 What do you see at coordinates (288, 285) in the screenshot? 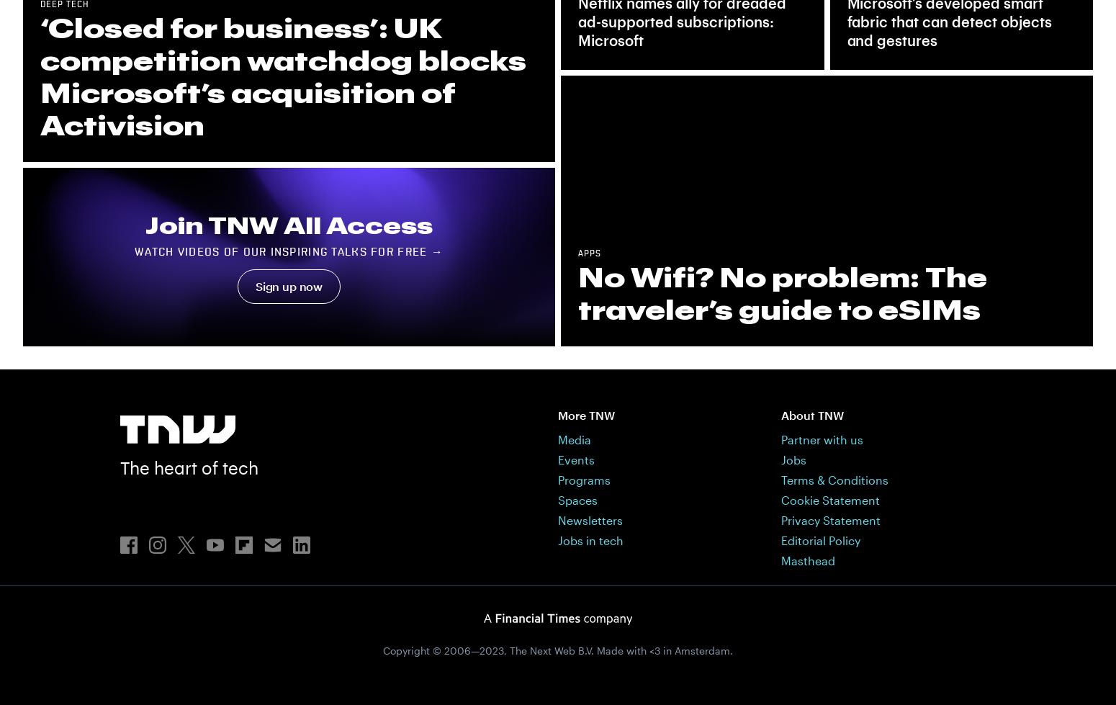
I see `'Sign up now'` at bounding box center [288, 285].